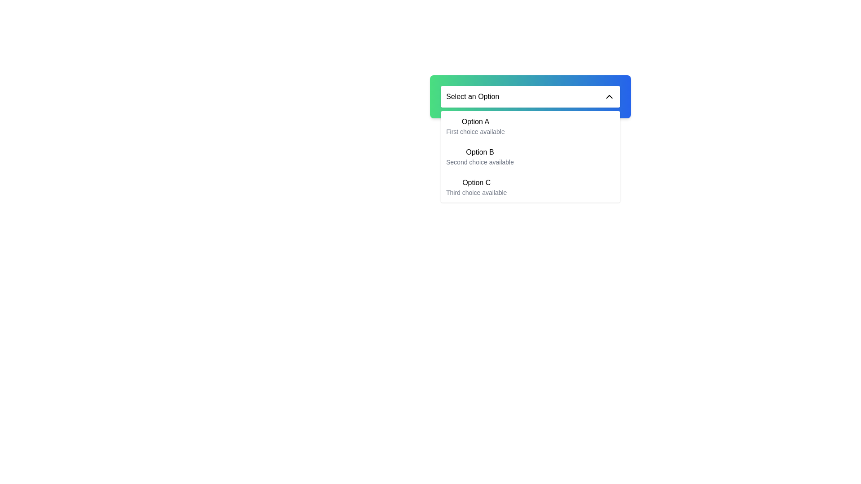 The height and width of the screenshot is (484, 861). What do you see at coordinates (476, 192) in the screenshot?
I see `the non-interactive text label providing supplementary details about 'Option C', located within the dropdown menu under 'Option C'` at bounding box center [476, 192].